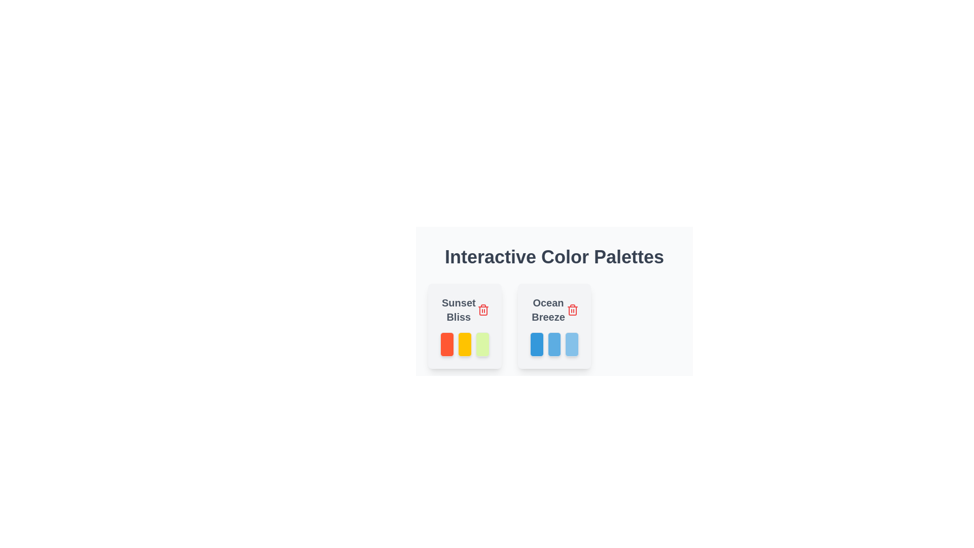 Image resolution: width=974 pixels, height=548 pixels. What do you see at coordinates (554, 344) in the screenshot?
I see `the middle square of the 'Ocean Breeze' color palette, which represents a light blue shade, located in the second row of the 'Interactive Color Palettes' section` at bounding box center [554, 344].